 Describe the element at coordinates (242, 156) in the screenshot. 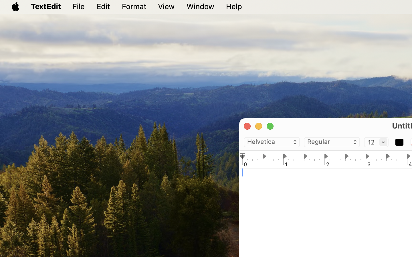

I see `'0.0'` at that location.